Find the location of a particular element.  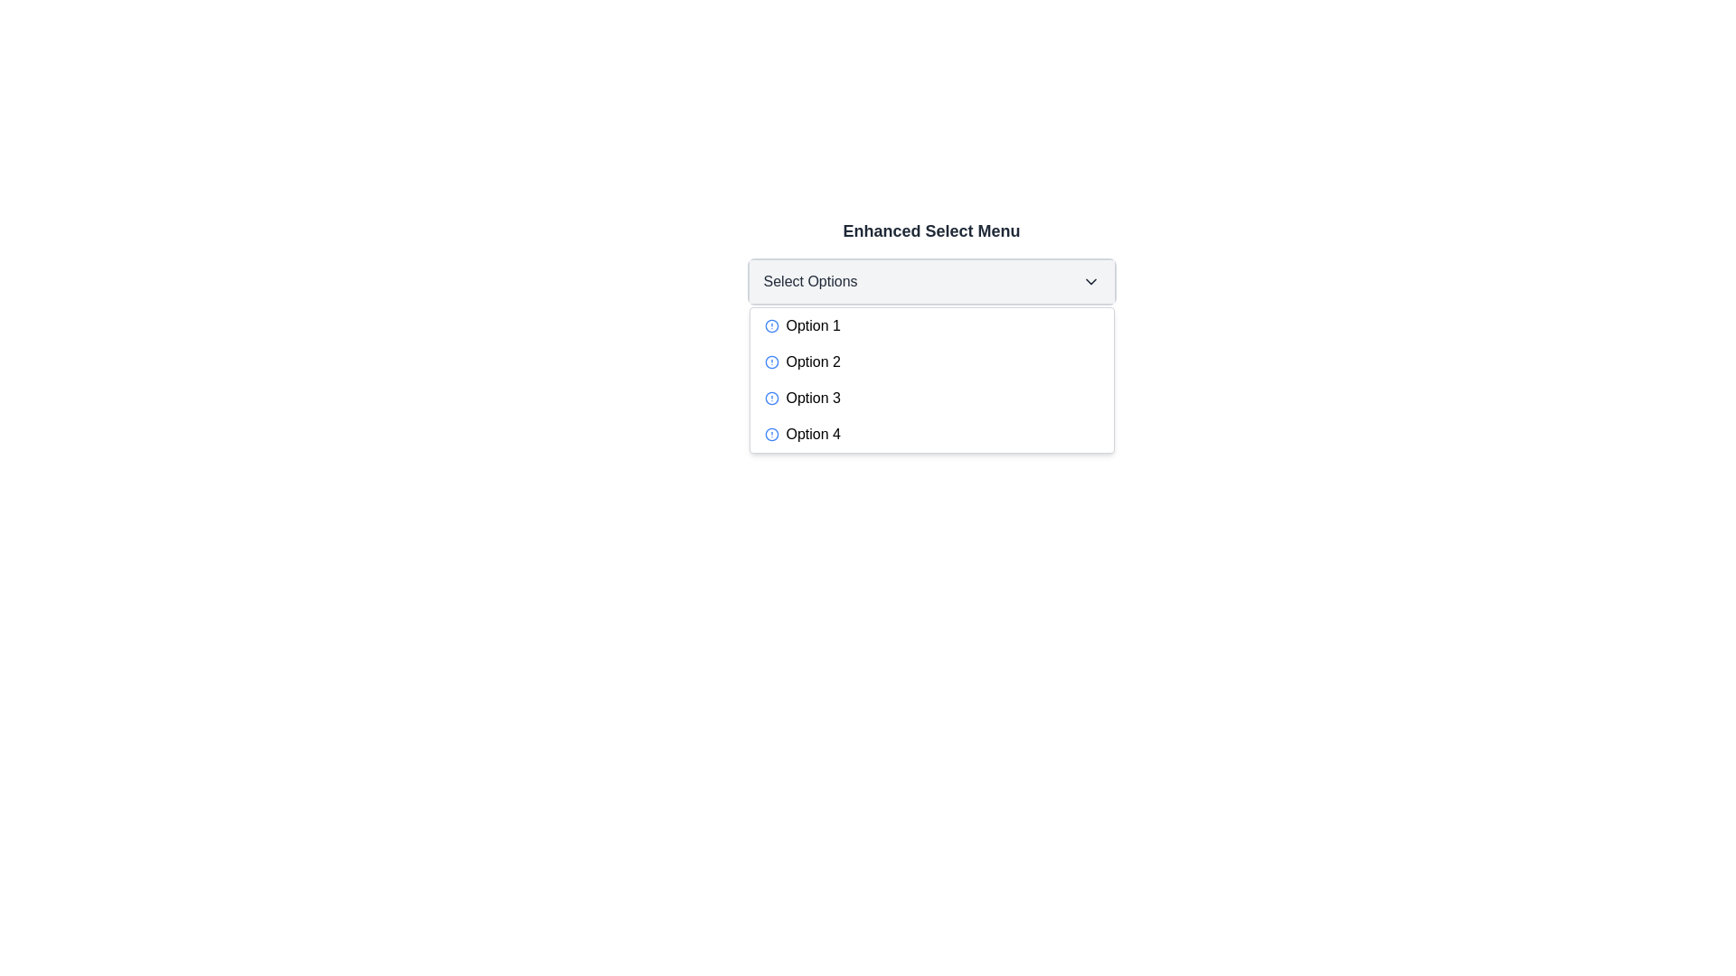

keyboard navigation is located at coordinates (931, 282).